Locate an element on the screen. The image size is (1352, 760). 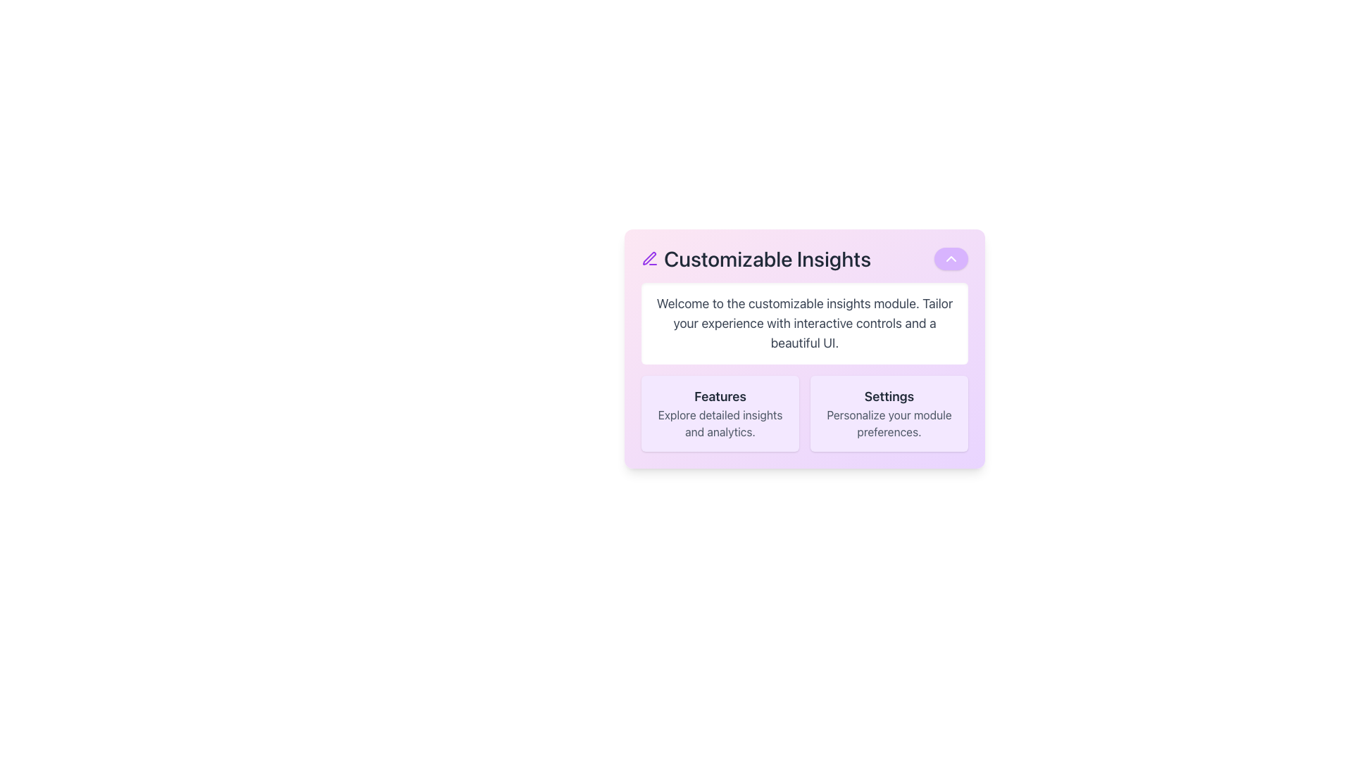
the button located in the upper-right corner of the 'Customizable Insights' section is located at coordinates (951, 258).